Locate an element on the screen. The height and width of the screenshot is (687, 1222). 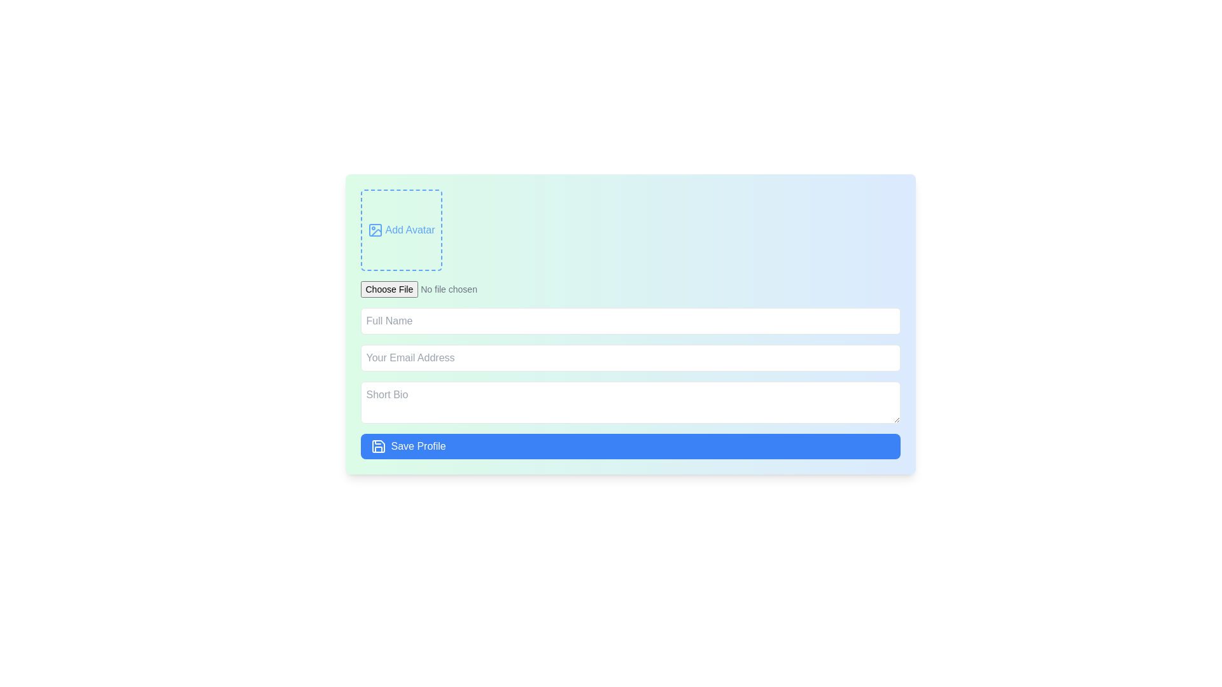
the 'Save' icon, which is a white floppy disk located to the left of the blue 'Save Profile' button near the bottom center of the interface is located at coordinates (377, 446).